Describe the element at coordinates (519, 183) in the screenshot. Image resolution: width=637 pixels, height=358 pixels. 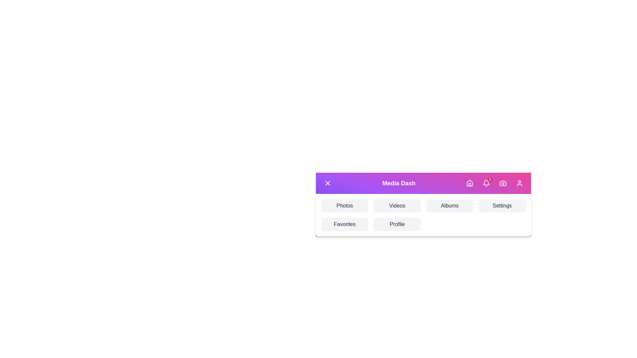
I see `the Profile icon in the VibrantMediaAppBar` at that location.